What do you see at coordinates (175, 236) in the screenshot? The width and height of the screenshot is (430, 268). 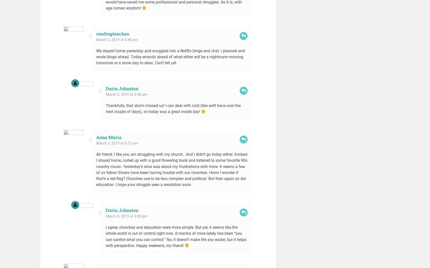 I see `'I agree, churches and education were more simple. But yet, it seems like the whole world is out of control right now. A mantra of mine lately has been “you can control what you can control.” No, it doesn’t make life any easier, but it helps with perspective. Happy weekend, my friend!'` at bounding box center [175, 236].